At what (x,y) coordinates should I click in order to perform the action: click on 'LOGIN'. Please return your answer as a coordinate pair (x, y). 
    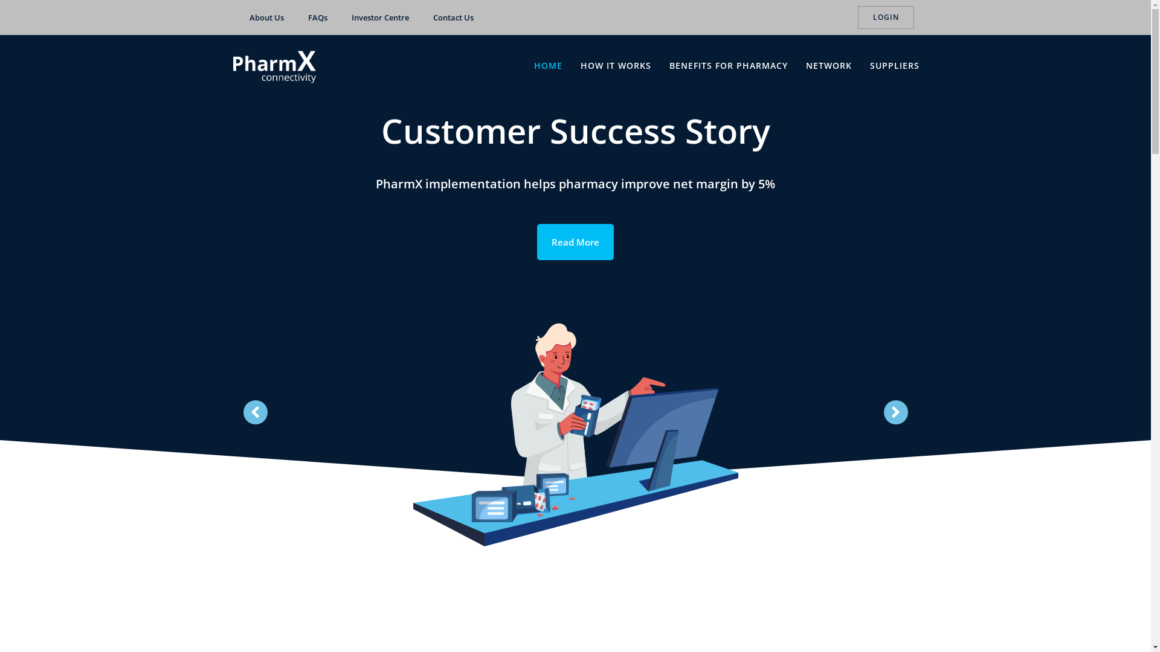
    Looking at the image, I should click on (886, 18).